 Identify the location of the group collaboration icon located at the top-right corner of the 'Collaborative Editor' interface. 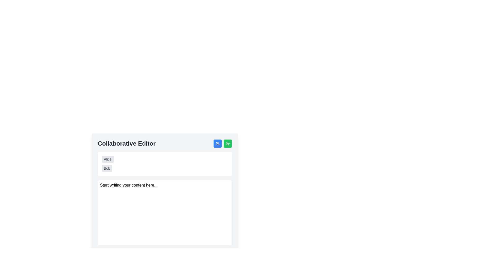
(217, 143).